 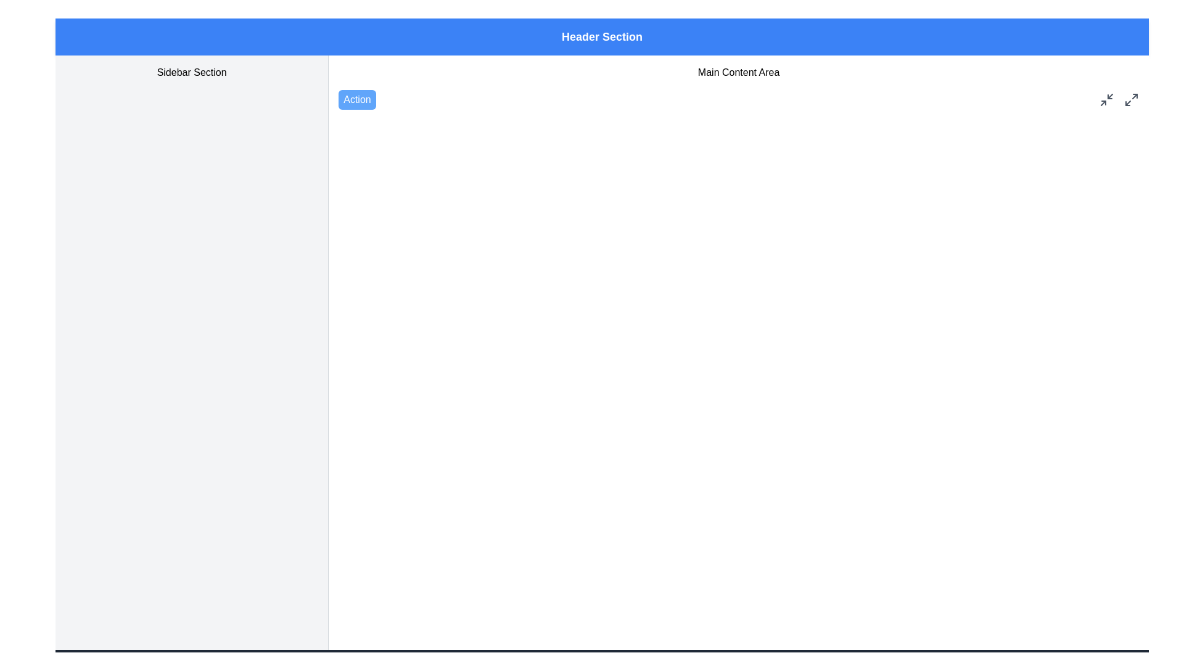 What do you see at coordinates (1131, 99) in the screenshot?
I see `the maximize button, which is a small gray square icon with diagonal arrows pointing outward, located in the top-right corner of the main content area` at bounding box center [1131, 99].